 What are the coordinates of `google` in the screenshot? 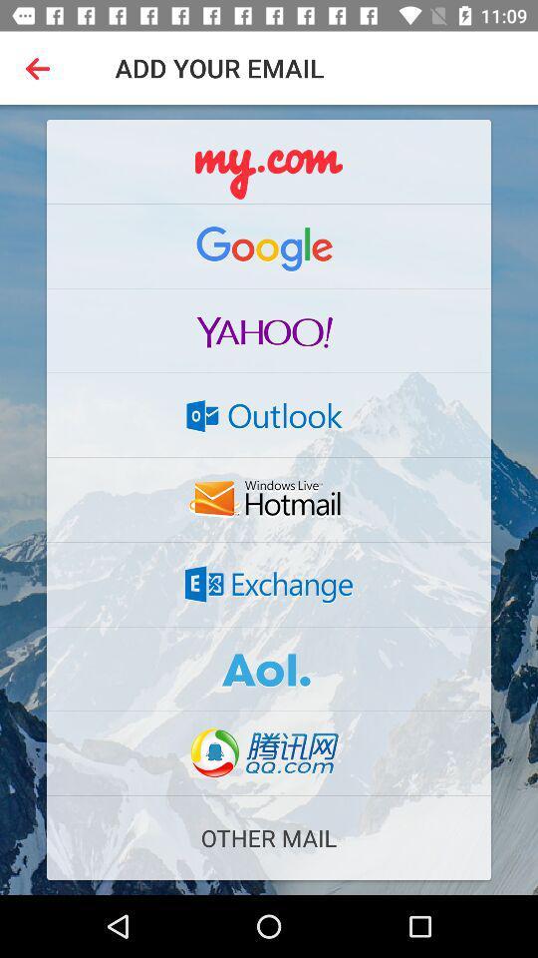 It's located at (269, 245).